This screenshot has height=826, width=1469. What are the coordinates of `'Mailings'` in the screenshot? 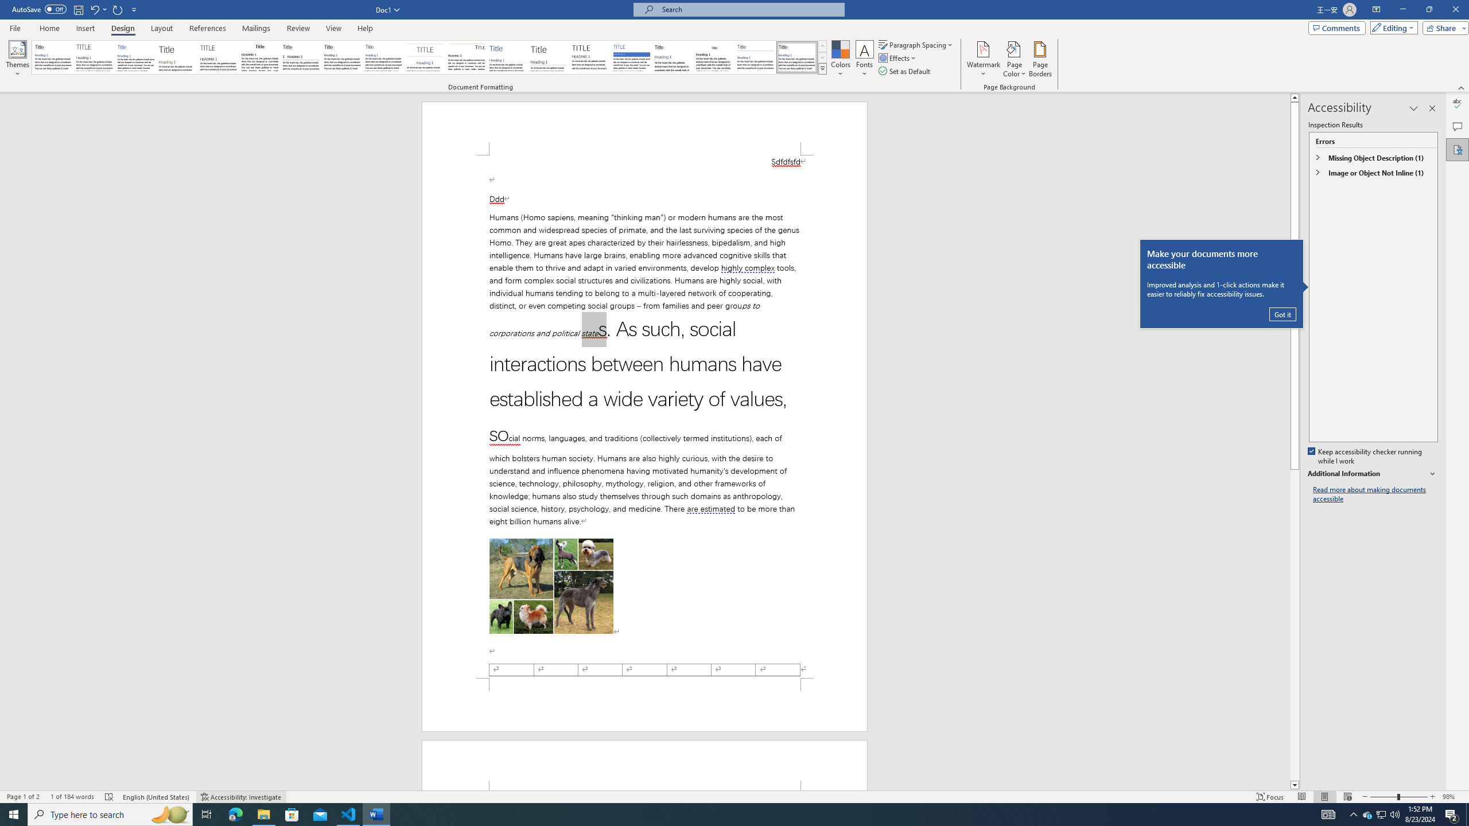 It's located at (255, 28).